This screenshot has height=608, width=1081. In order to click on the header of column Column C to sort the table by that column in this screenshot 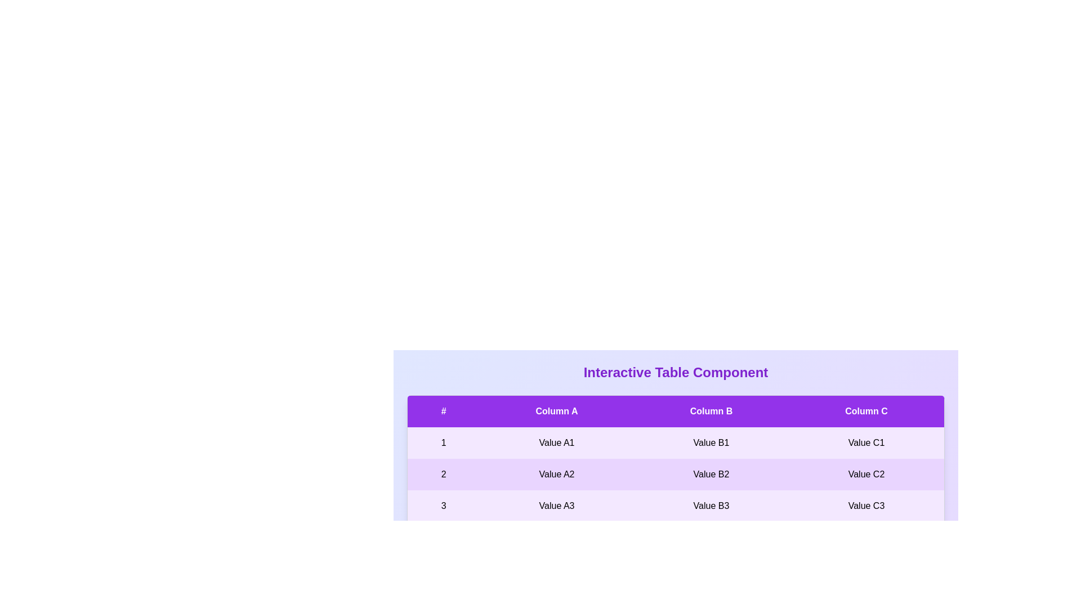, I will do `click(866, 411)`.